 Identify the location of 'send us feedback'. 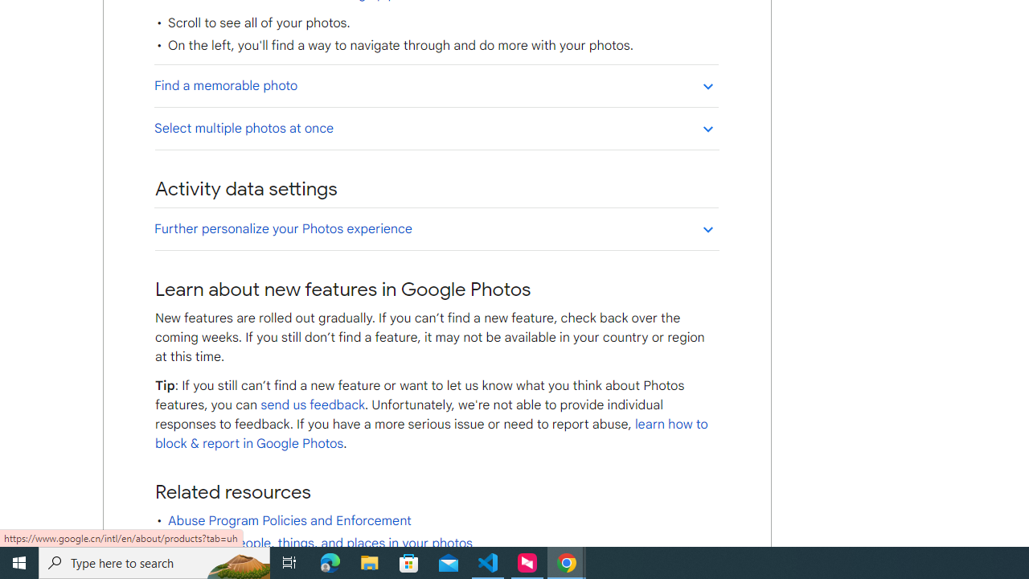
(313, 404).